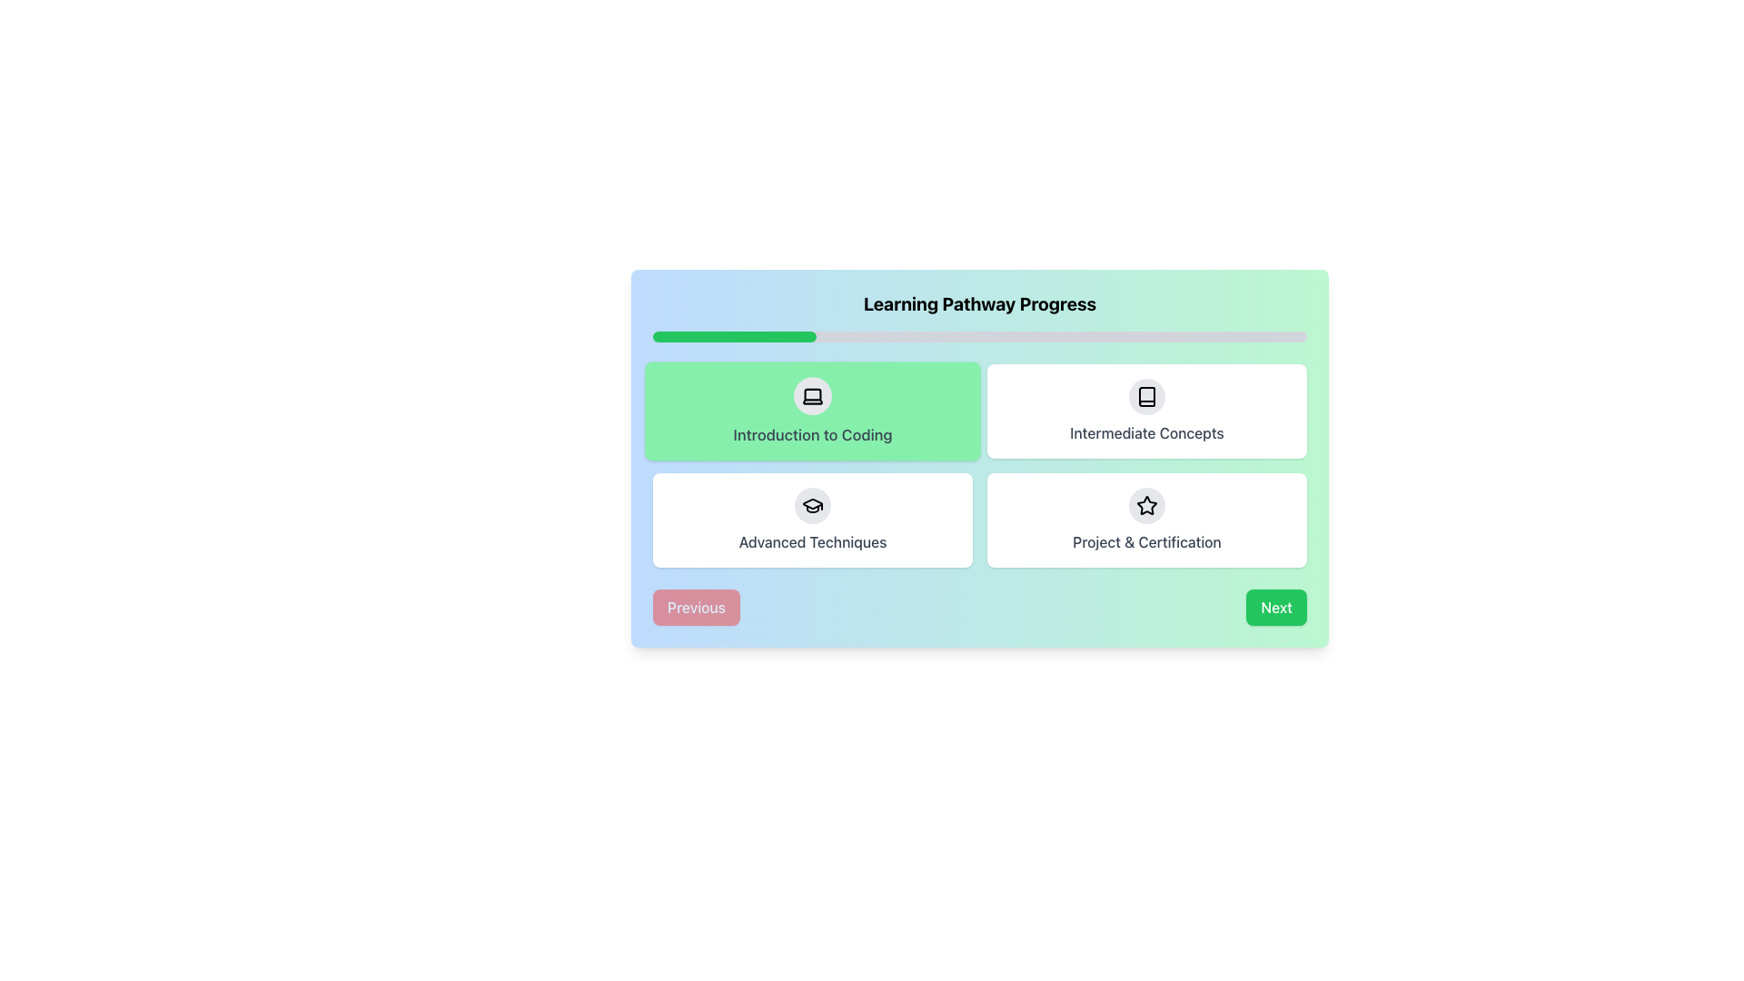 The image size is (1744, 981). What do you see at coordinates (1145, 395) in the screenshot?
I see `the circular icon button with a gray background and a book icon, located at the top center of the 'Intermediate Concepts' card` at bounding box center [1145, 395].